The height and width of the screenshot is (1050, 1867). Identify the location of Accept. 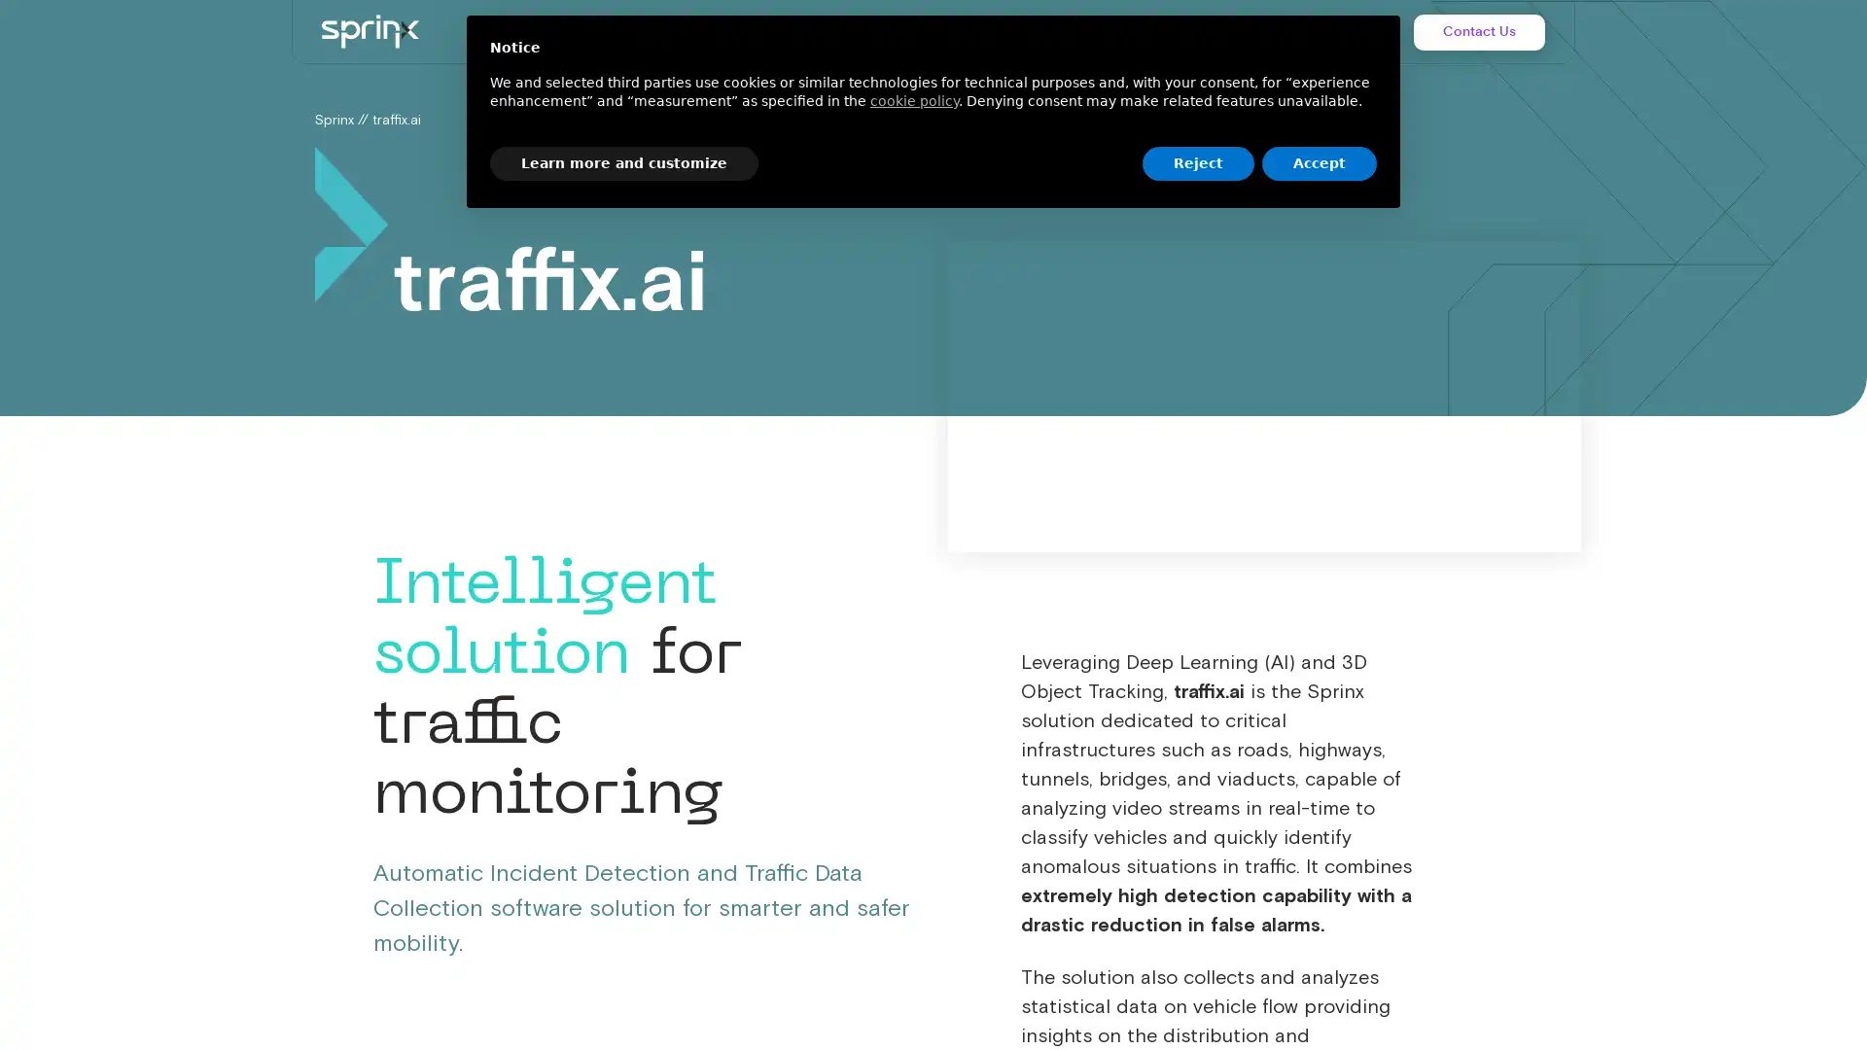
(1320, 162).